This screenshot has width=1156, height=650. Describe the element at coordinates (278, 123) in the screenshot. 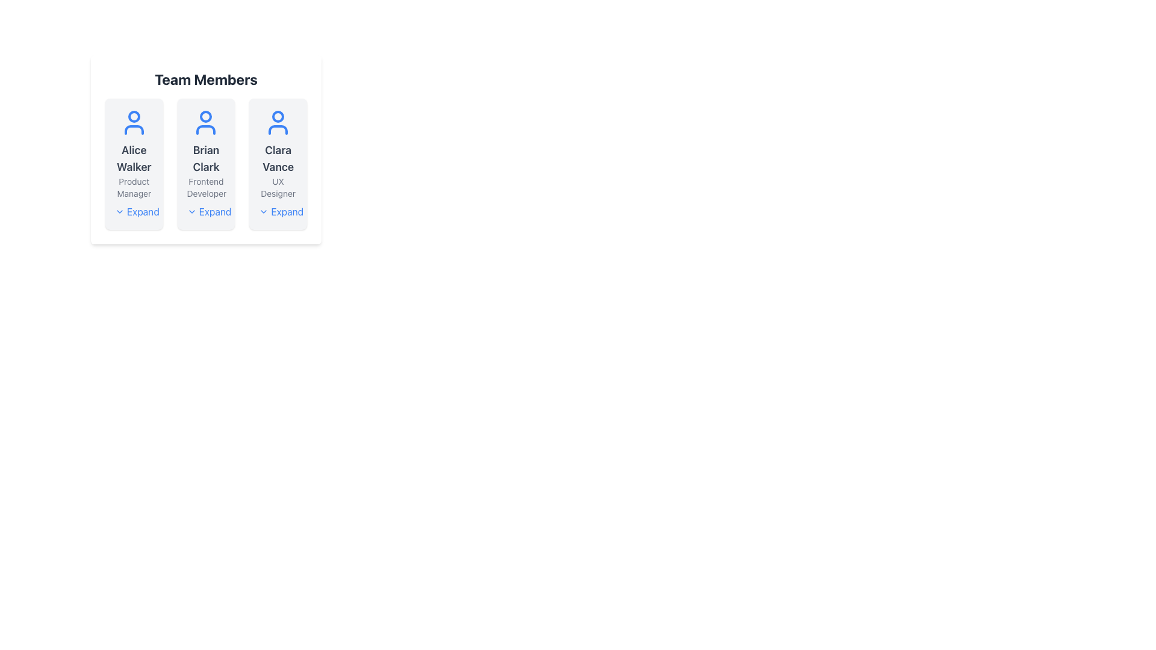

I see `the icon representing Clara Vance, which is positioned above her name and role as a UX Designer in the Team Members group` at that location.